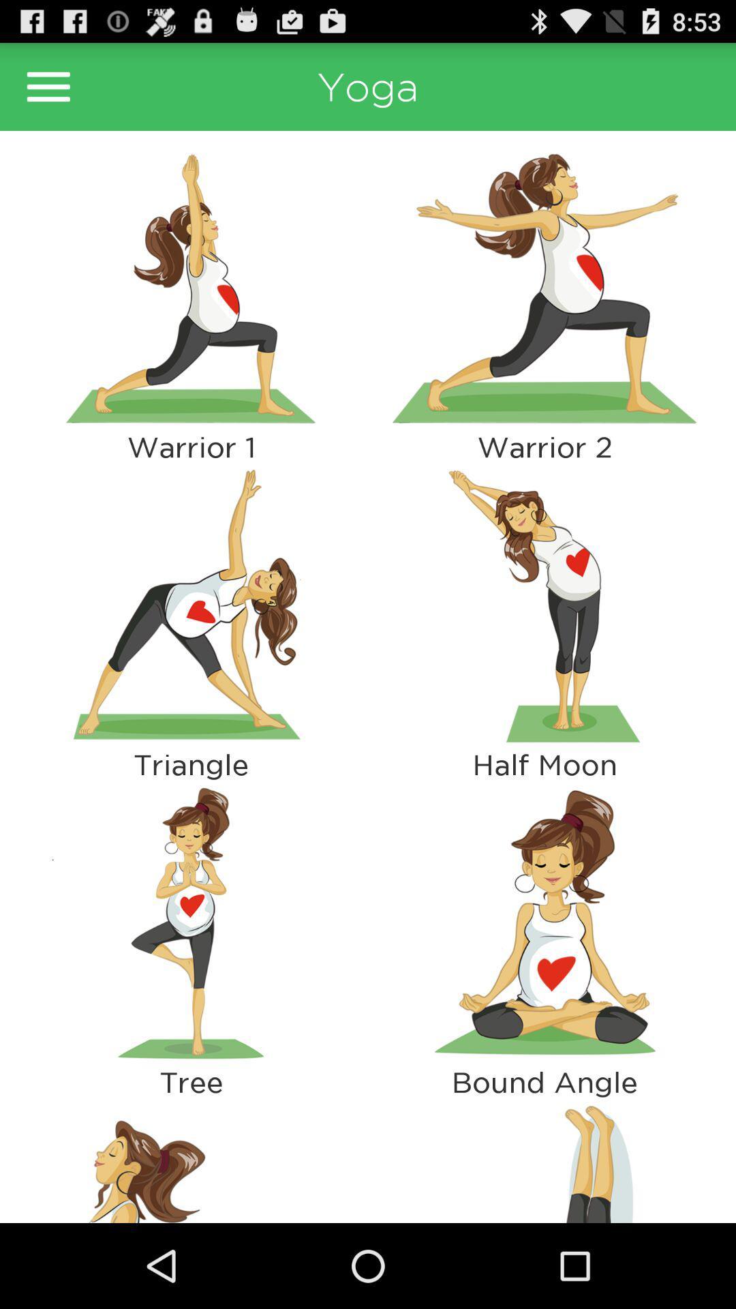 The height and width of the screenshot is (1309, 736). I want to click on show more info about that pose, so click(191, 287).